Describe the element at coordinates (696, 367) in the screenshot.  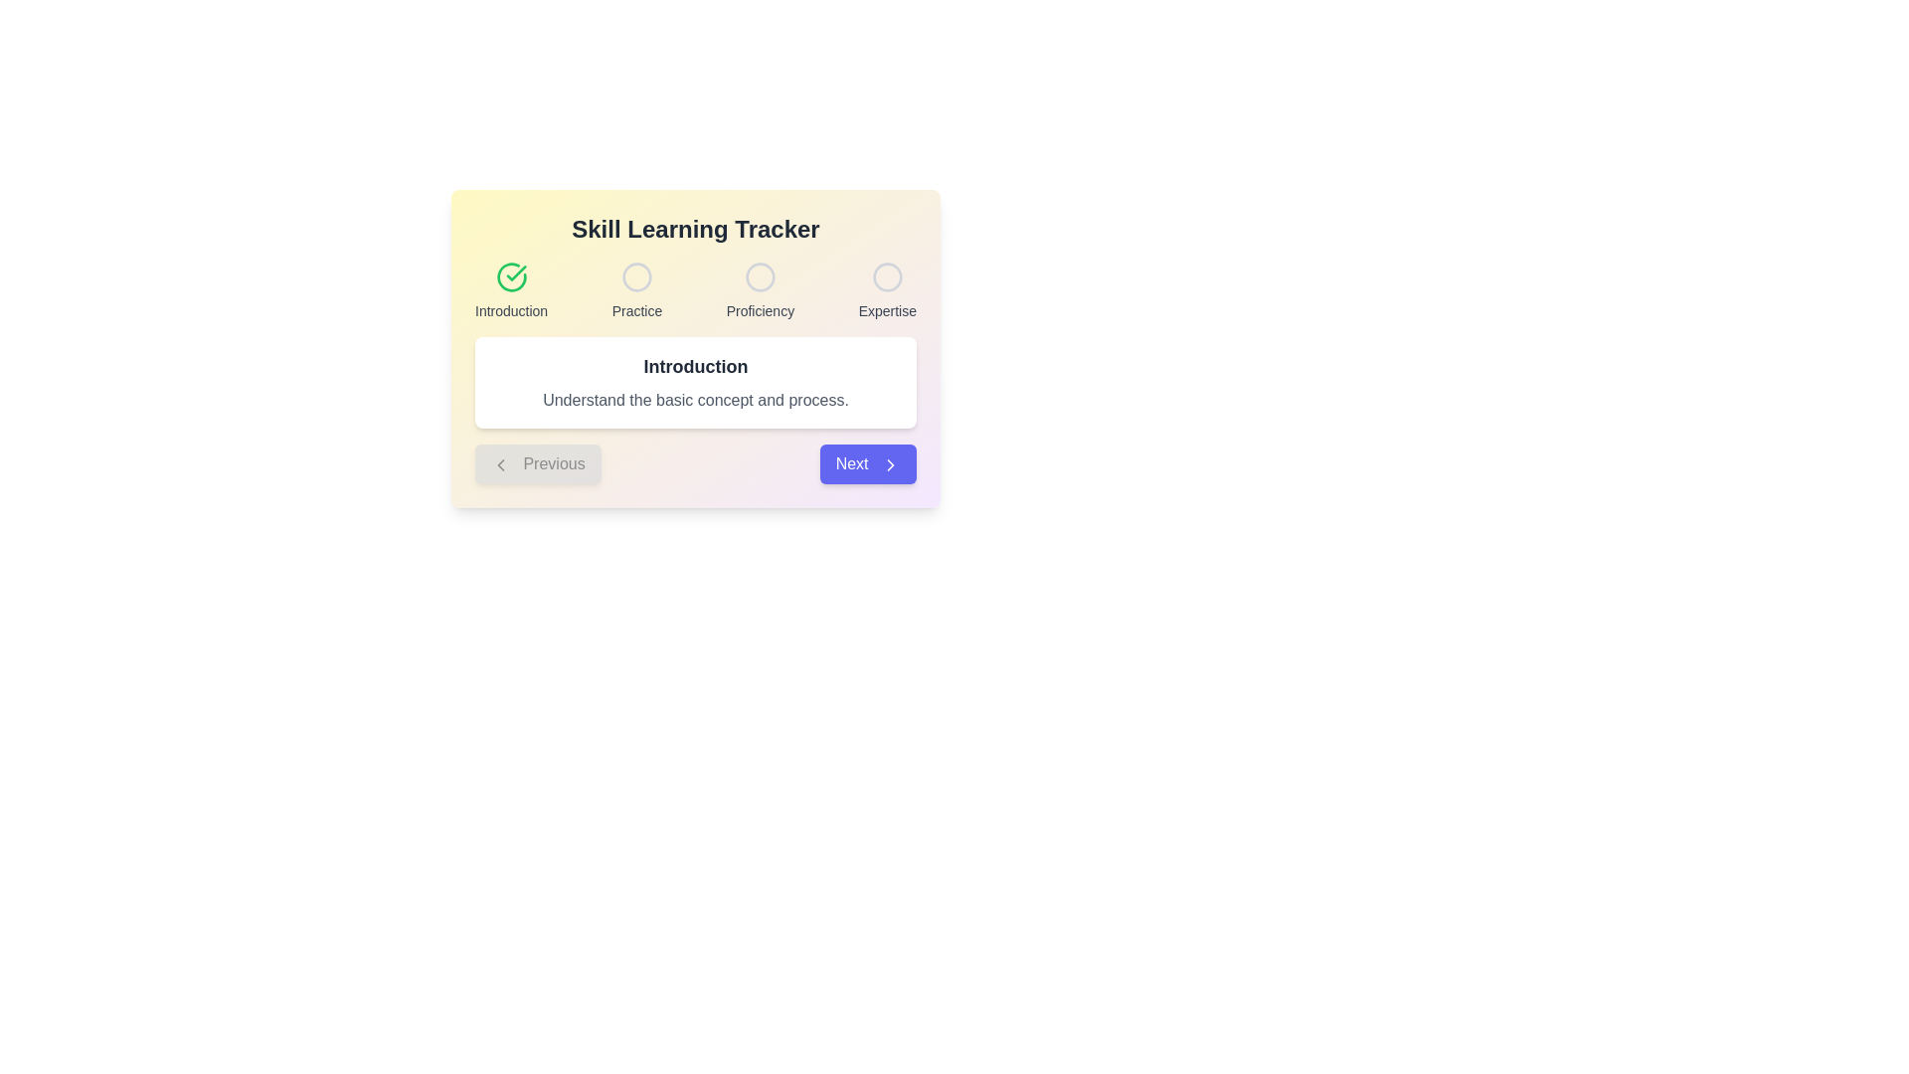
I see `the primary header text element, which is located within a white rounded rectangle box above a descriptive paragraph` at that location.